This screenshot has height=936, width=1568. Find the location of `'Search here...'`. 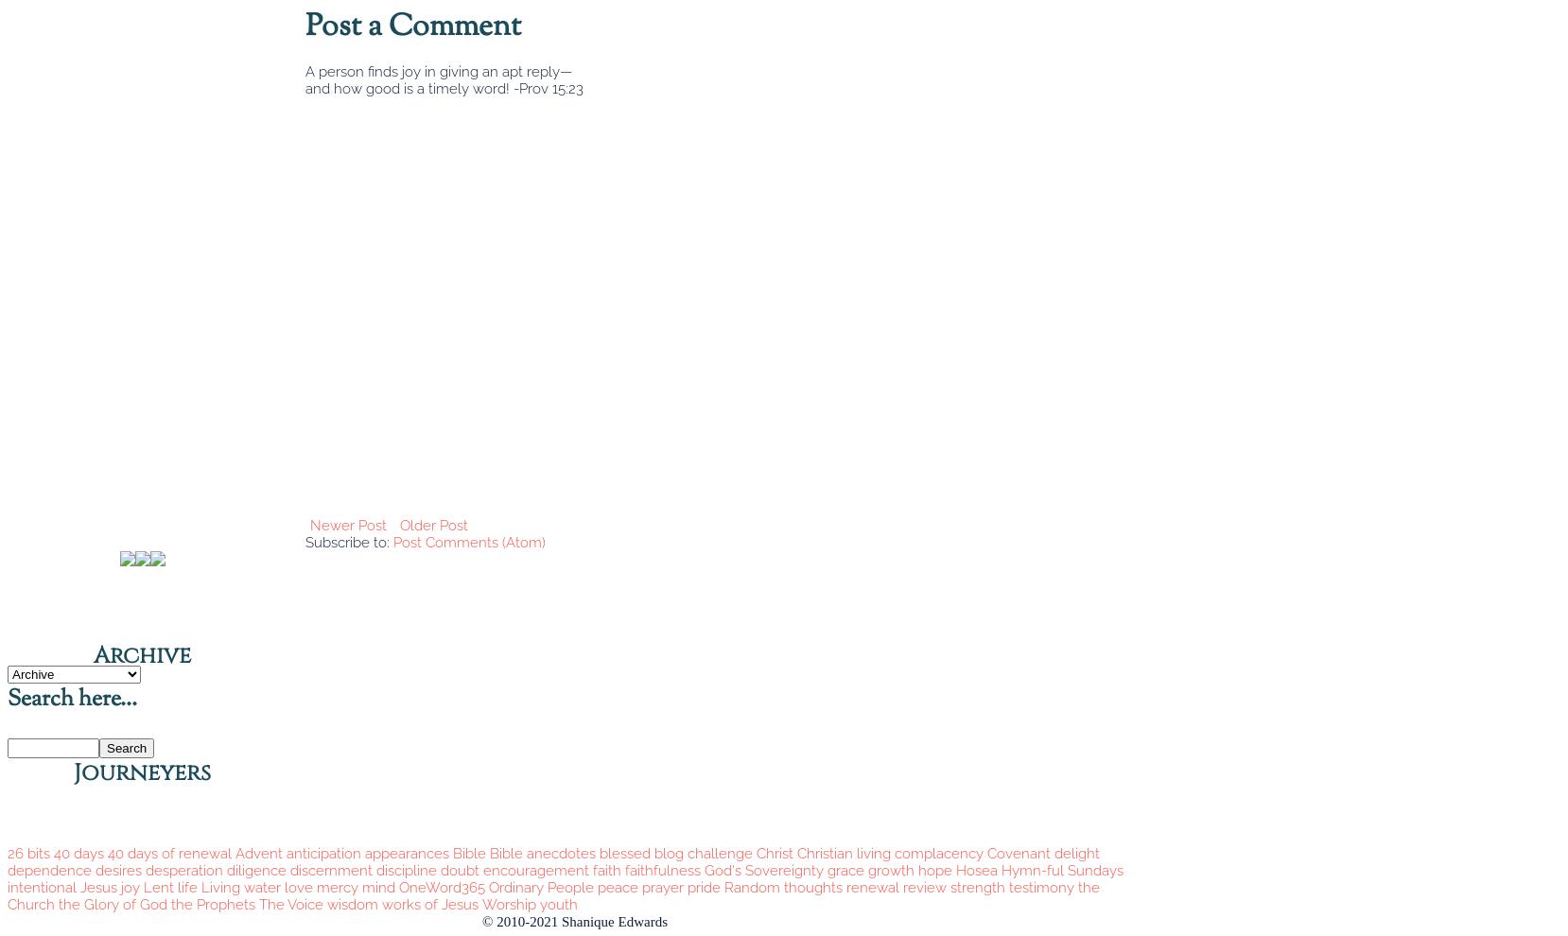

'Search here...' is located at coordinates (71, 699).